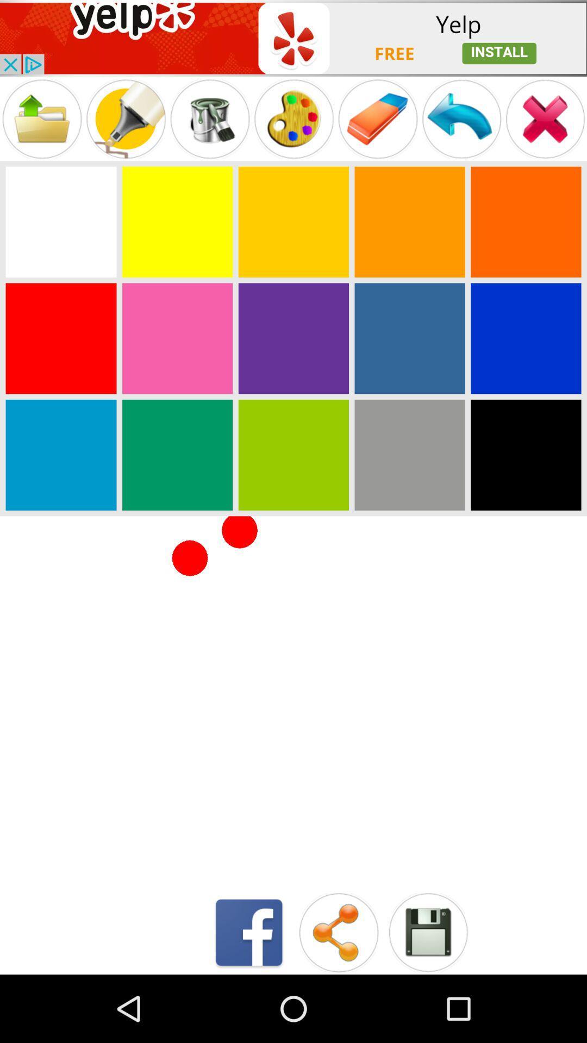 Image resolution: width=587 pixels, height=1043 pixels. Describe the element at coordinates (410, 338) in the screenshot. I see `choose blue color` at that location.